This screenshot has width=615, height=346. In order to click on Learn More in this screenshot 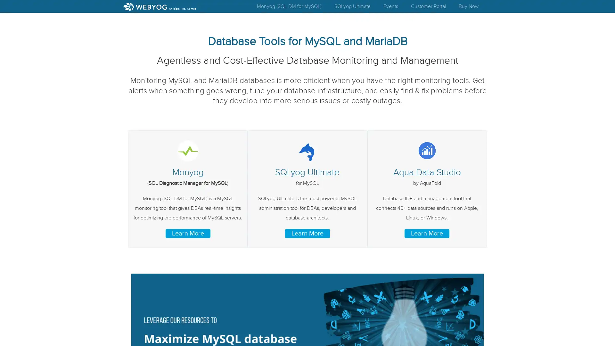, I will do `click(307, 234)`.